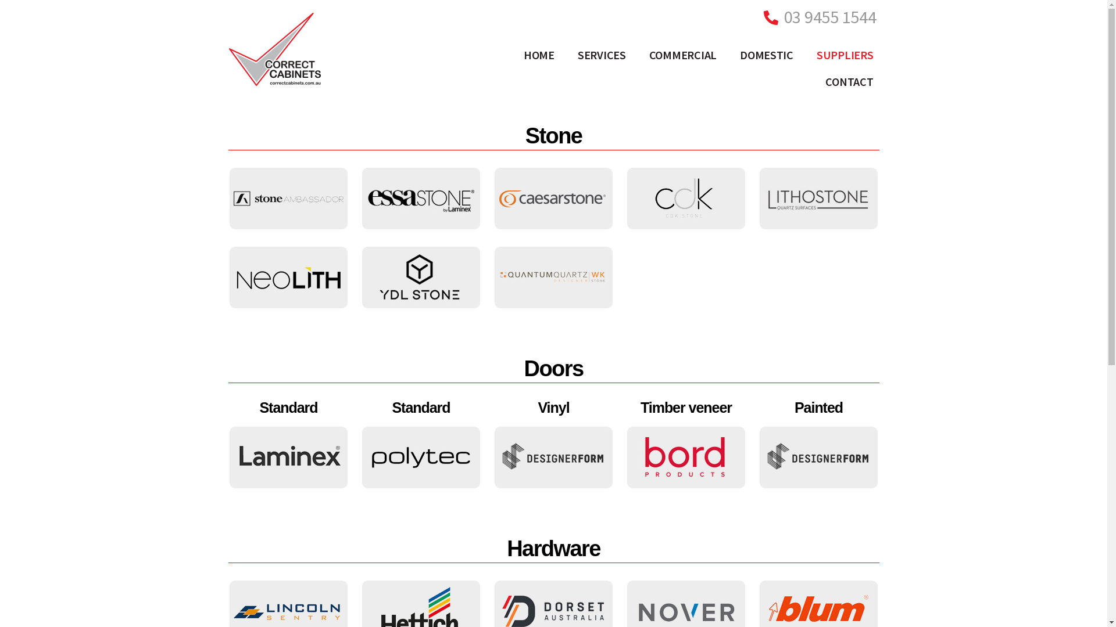 Image resolution: width=1116 pixels, height=627 pixels. Describe the element at coordinates (727, 55) in the screenshot. I see `'DOMESTIC'` at that location.